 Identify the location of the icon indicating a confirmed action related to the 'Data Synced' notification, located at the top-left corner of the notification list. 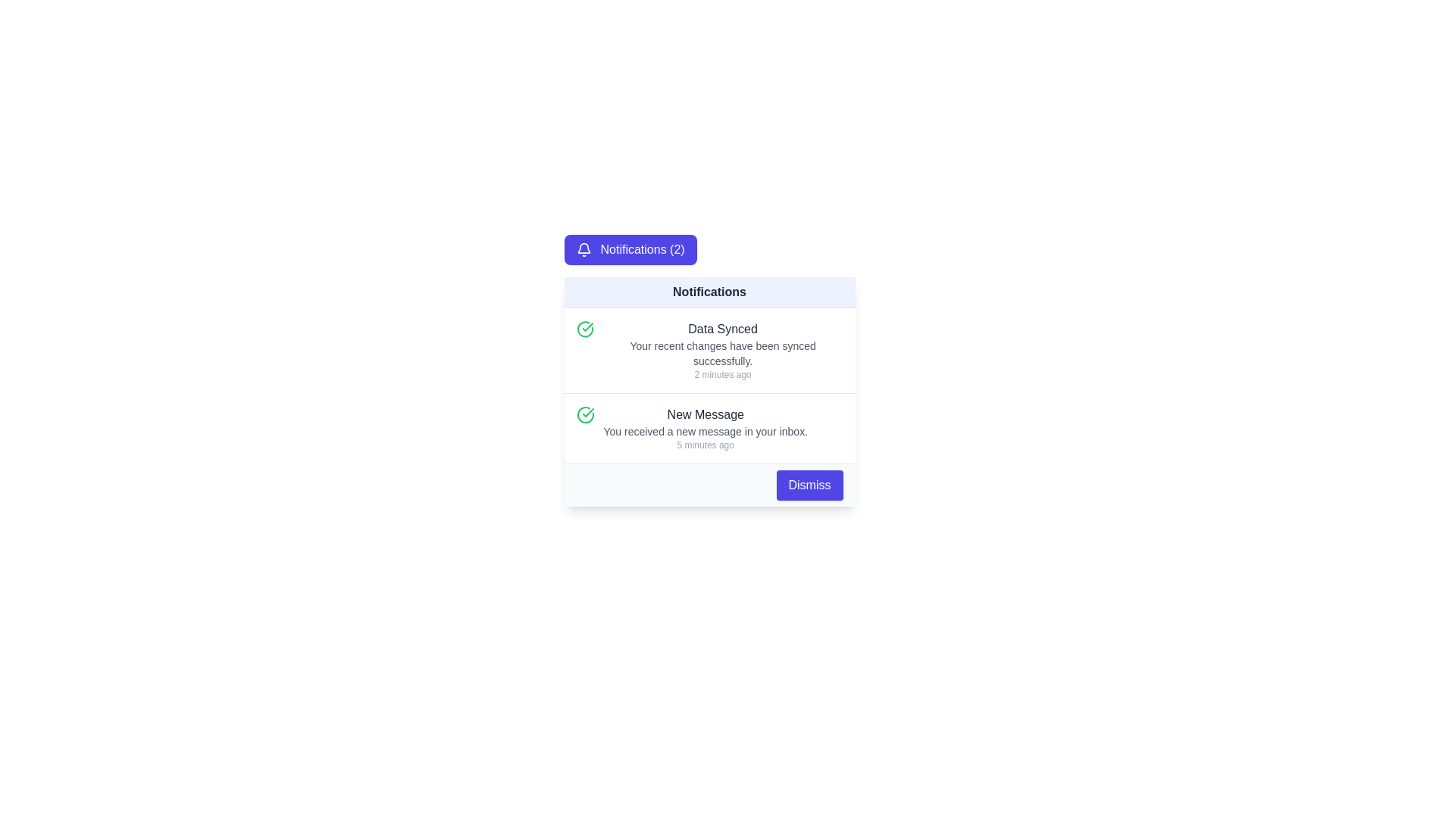
(584, 329).